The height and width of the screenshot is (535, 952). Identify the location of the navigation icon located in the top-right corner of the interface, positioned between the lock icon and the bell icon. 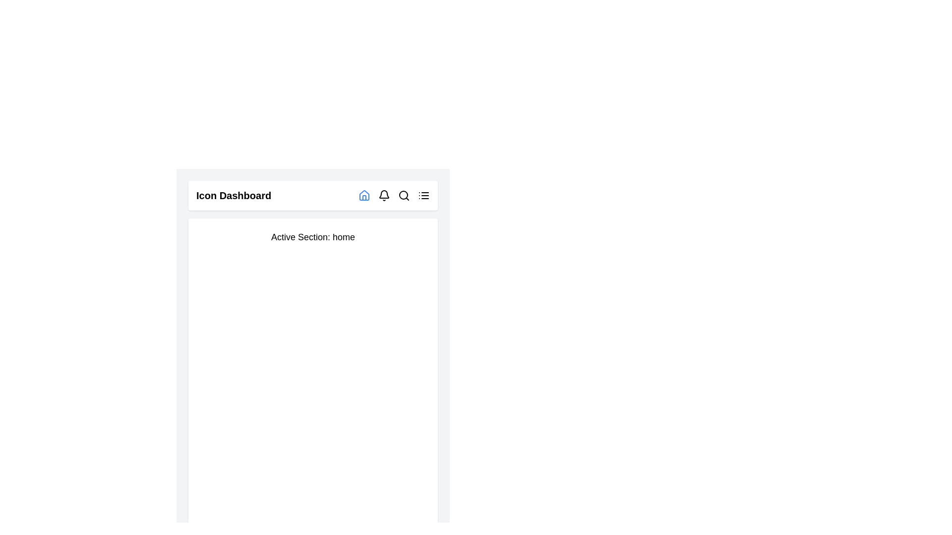
(363, 195).